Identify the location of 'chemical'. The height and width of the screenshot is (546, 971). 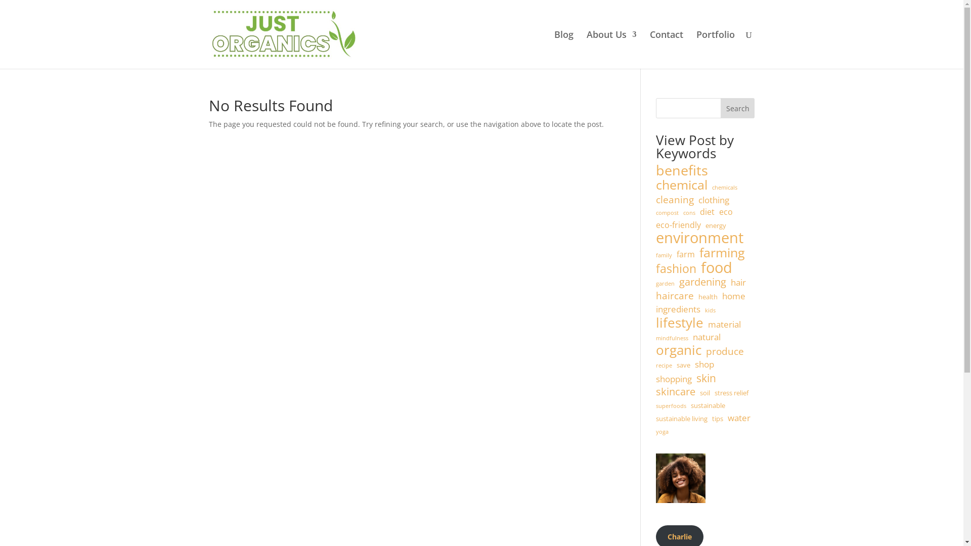
(682, 185).